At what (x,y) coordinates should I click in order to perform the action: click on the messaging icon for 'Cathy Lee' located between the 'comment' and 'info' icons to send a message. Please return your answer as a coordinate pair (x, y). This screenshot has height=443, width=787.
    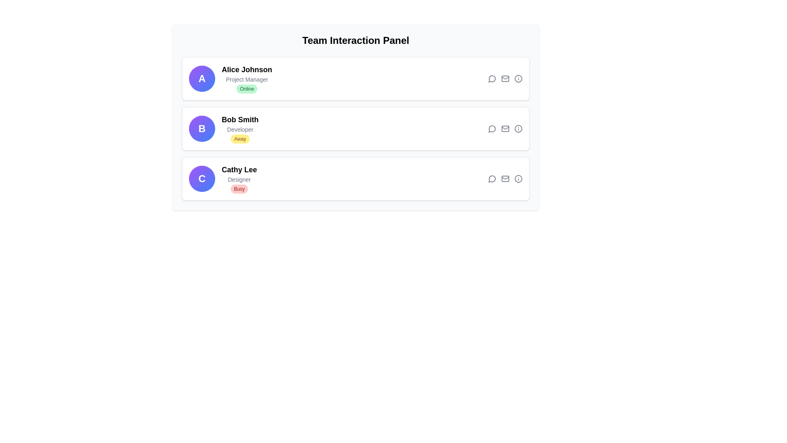
    Looking at the image, I should click on (505, 178).